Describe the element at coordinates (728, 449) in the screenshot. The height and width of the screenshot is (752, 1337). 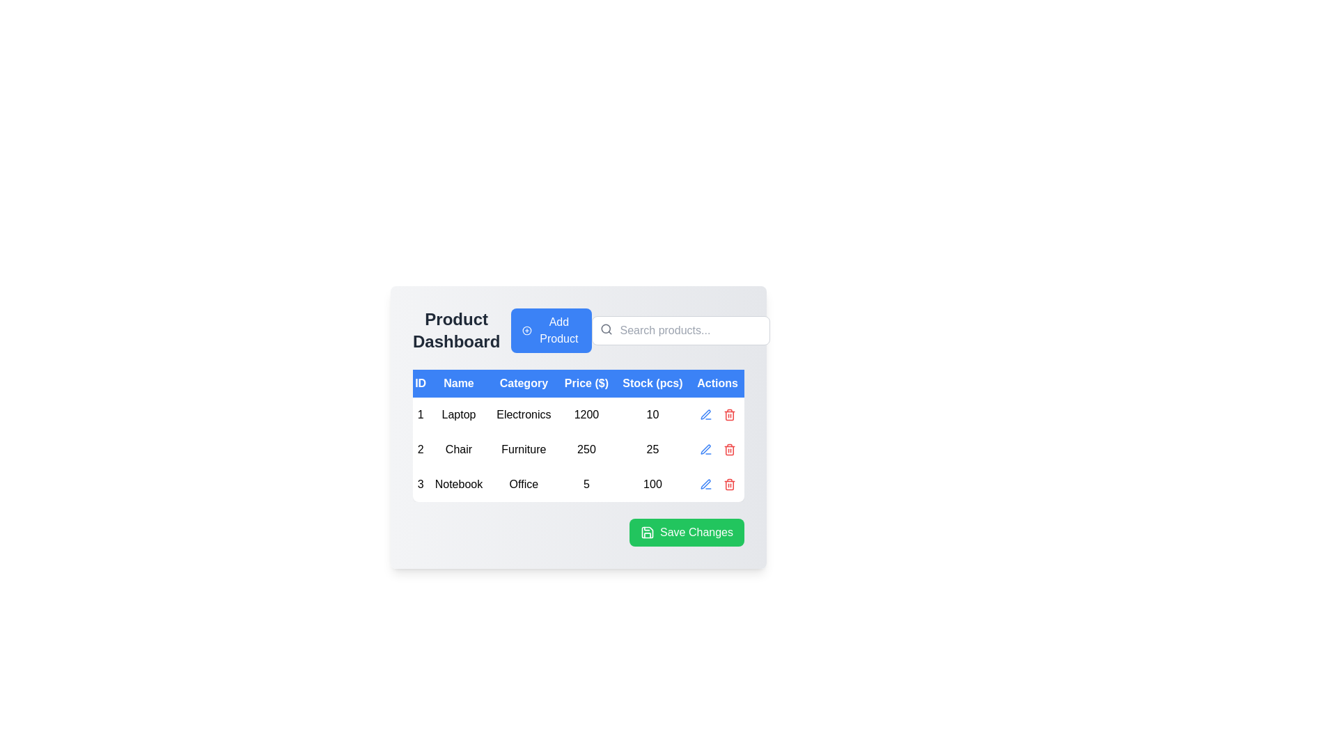
I see `the trash bin icon located in the 'Actions' column of the second row of the table to initiate the delete action` at that location.